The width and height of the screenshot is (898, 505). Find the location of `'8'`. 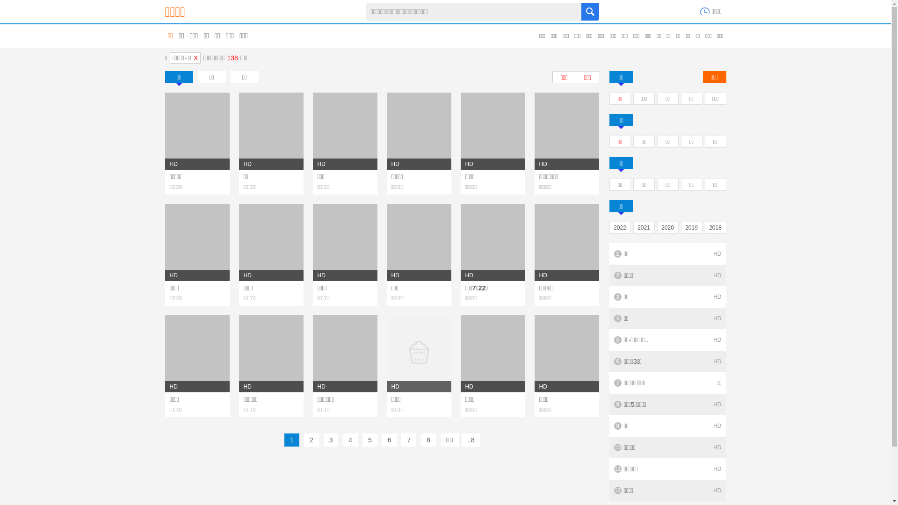

'8' is located at coordinates (420, 440).